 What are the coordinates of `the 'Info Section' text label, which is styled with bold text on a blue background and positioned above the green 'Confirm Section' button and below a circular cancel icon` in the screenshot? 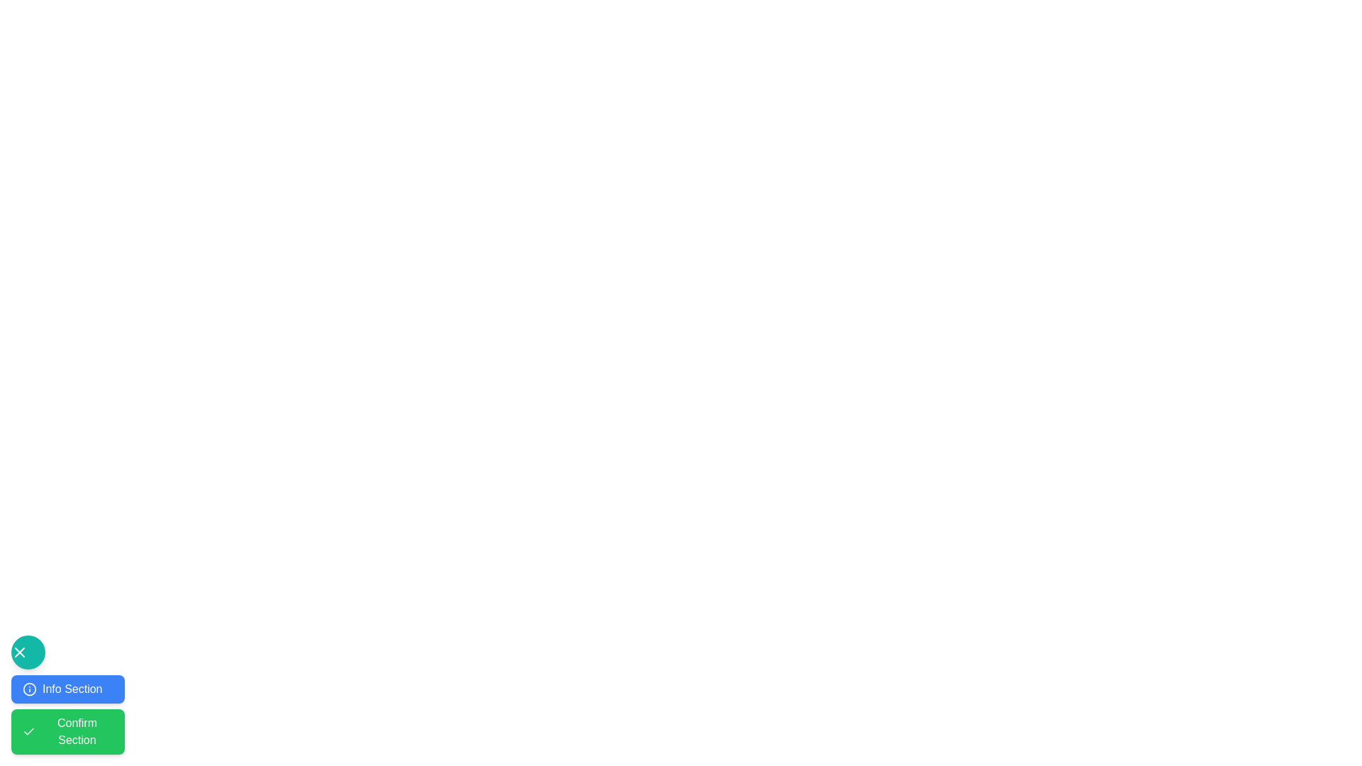 It's located at (72, 689).